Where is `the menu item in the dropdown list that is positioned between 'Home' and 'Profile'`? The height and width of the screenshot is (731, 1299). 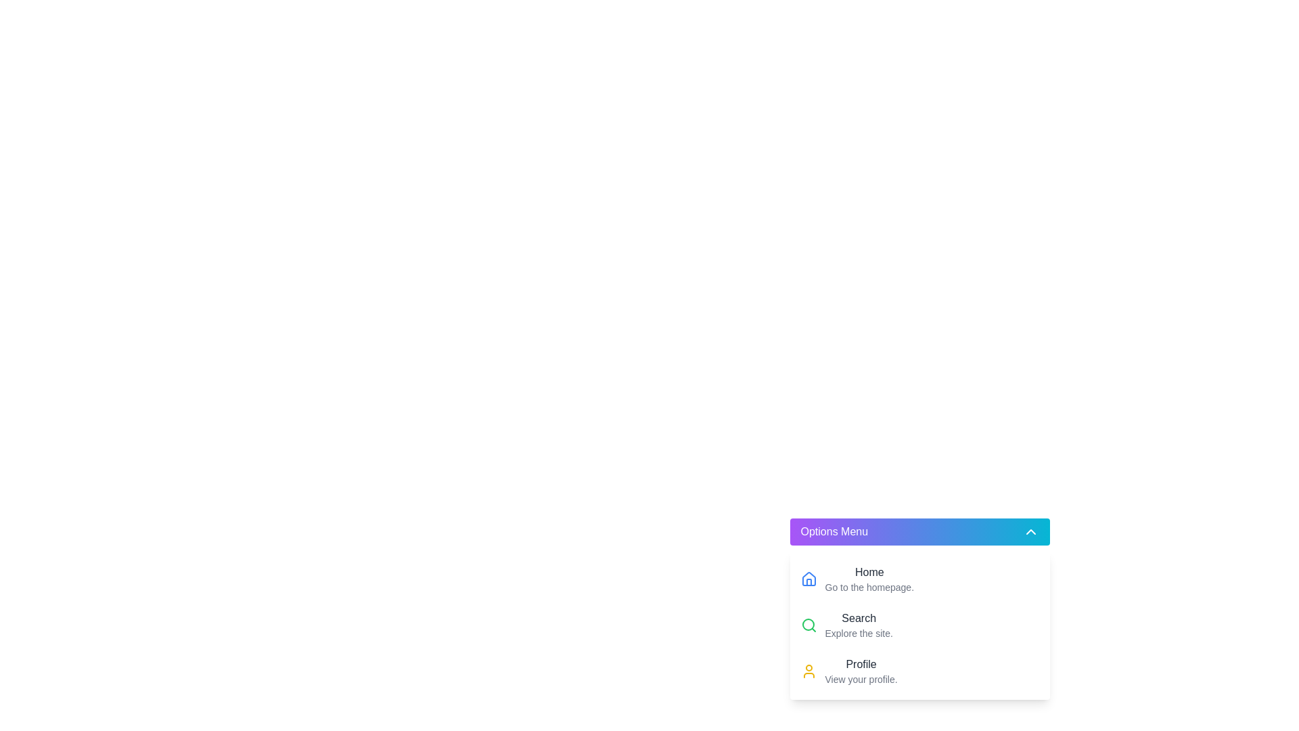
the menu item in the dropdown list that is positioned between 'Home' and 'Profile' is located at coordinates (858, 625).